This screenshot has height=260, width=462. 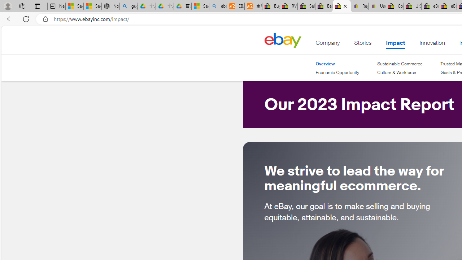 I want to click on 'Stories', so click(x=363, y=44).